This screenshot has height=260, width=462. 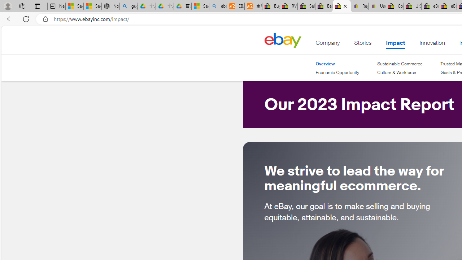 I want to click on 'Stories', so click(x=363, y=44).